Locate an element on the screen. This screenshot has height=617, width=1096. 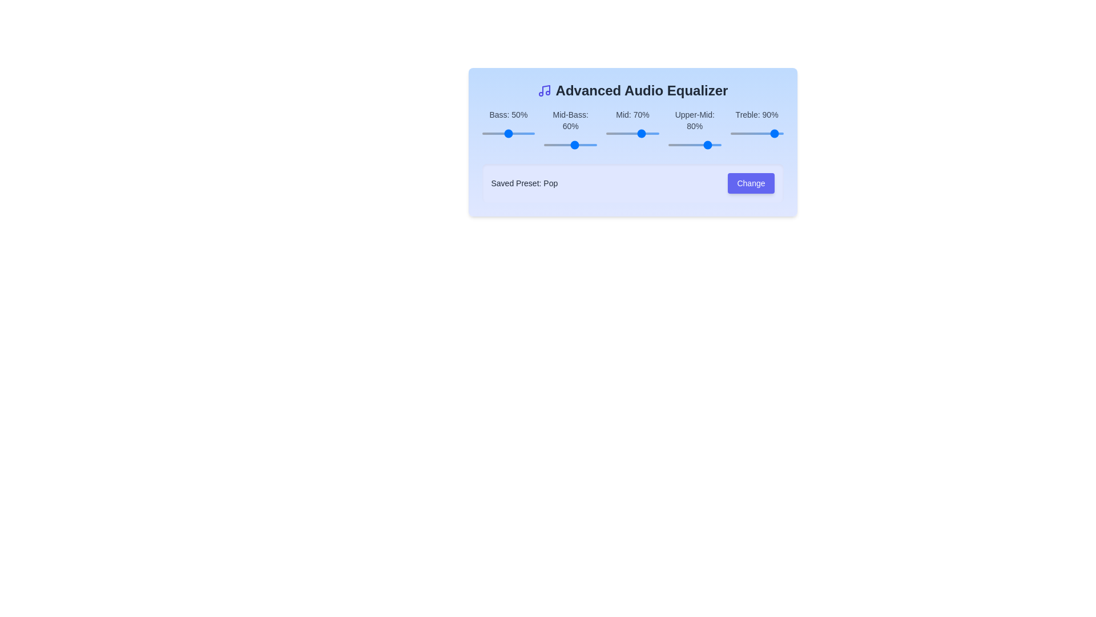
the slider for the 0 band to 34% is located at coordinates (527, 133).